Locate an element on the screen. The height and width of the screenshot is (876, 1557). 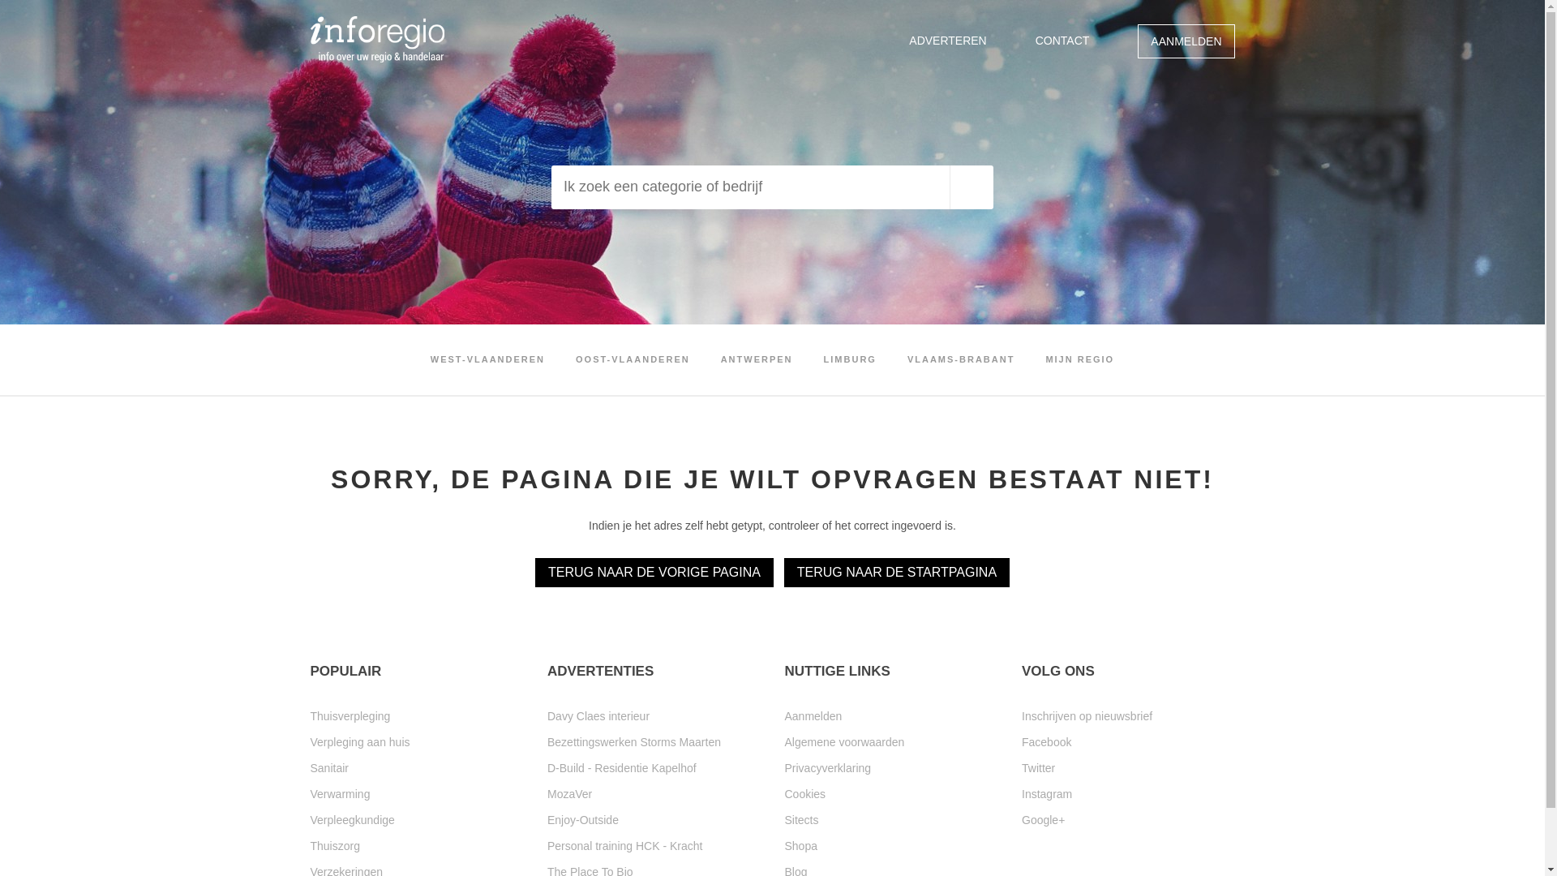
'Facebook' is located at coordinates (1127, 741).